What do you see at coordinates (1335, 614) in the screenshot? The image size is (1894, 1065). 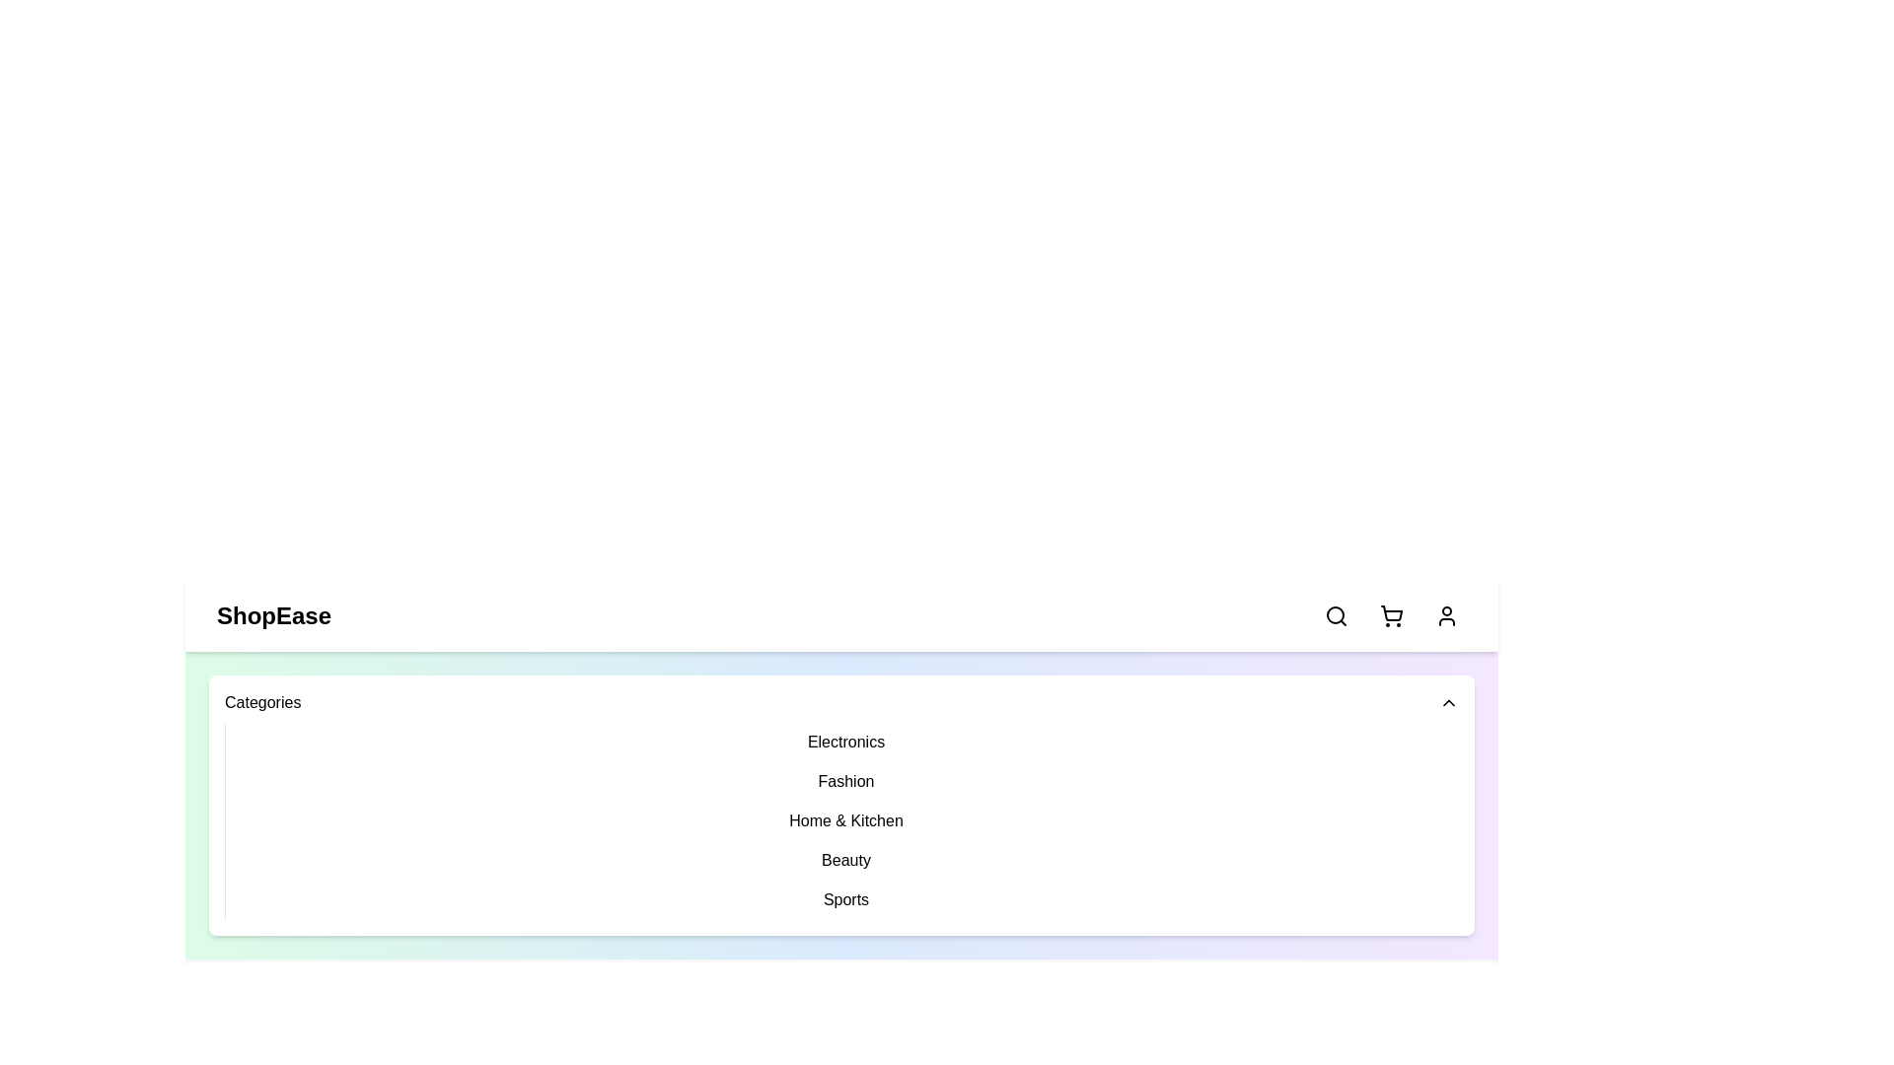 I see `the circular component inside the magnifying glass icon, which indicates search functionality, located in the top-right segment of the interface` at bounding box center [1335, 614].